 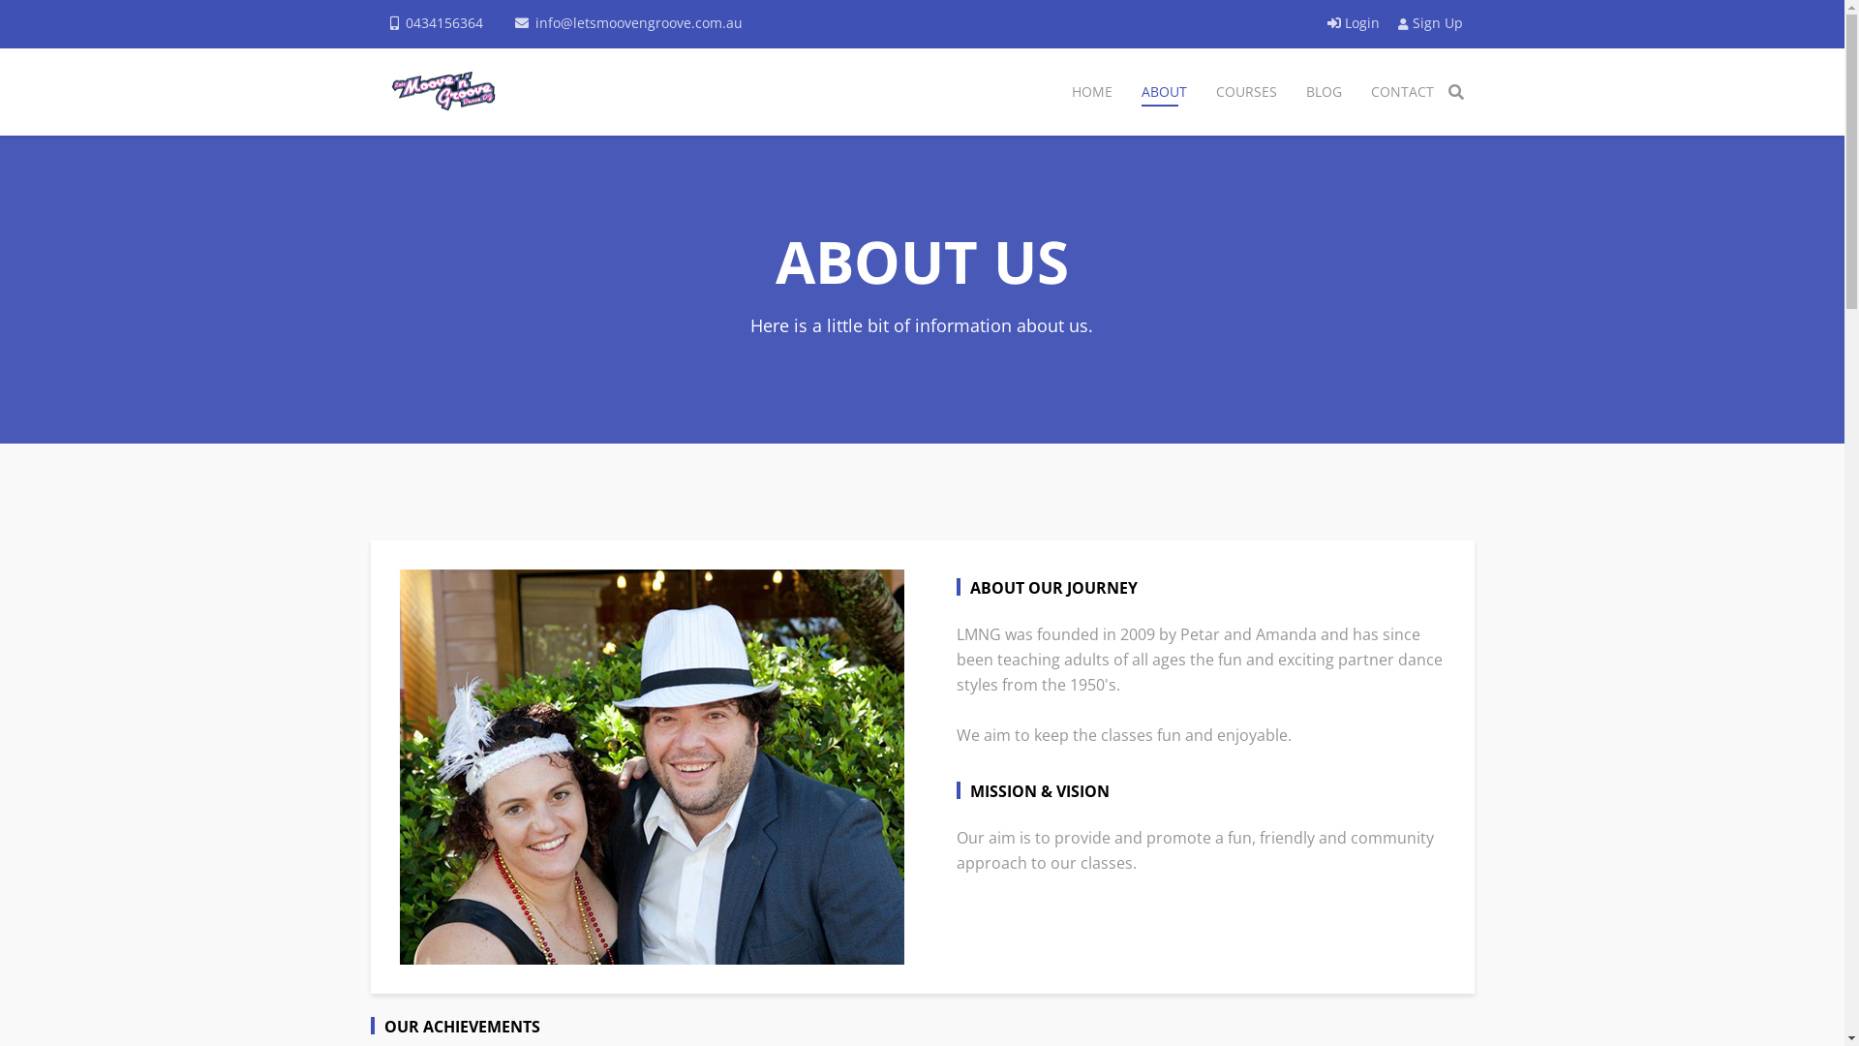 What do you see at coordinates (534, 22) in the screenshot?
I see `'info@letsmoovengroove.com.au'` at bounding box center [534, 22].